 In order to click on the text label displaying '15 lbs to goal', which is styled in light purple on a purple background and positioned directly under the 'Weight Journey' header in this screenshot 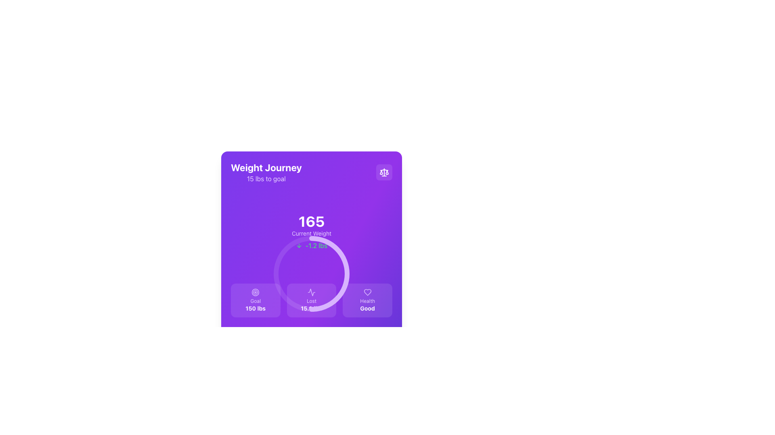, I will do `click(266, 178)`.